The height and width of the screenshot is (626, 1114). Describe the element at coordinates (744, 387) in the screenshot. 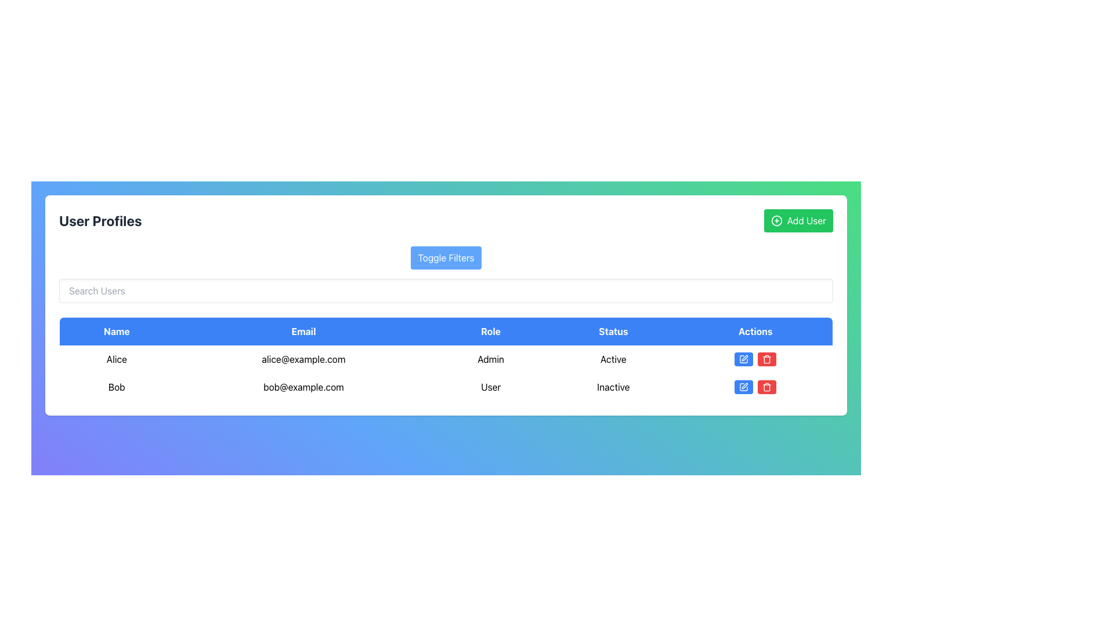

I see `the pen icon within the button located in the 'Actions' column of the second row of the table` at that location.